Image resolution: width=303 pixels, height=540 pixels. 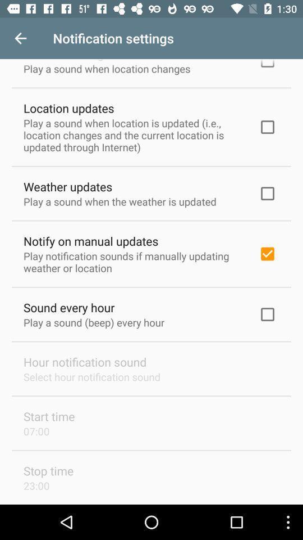 I want to click on icon above the play notification sounds icon, so click(x=90, y=241).